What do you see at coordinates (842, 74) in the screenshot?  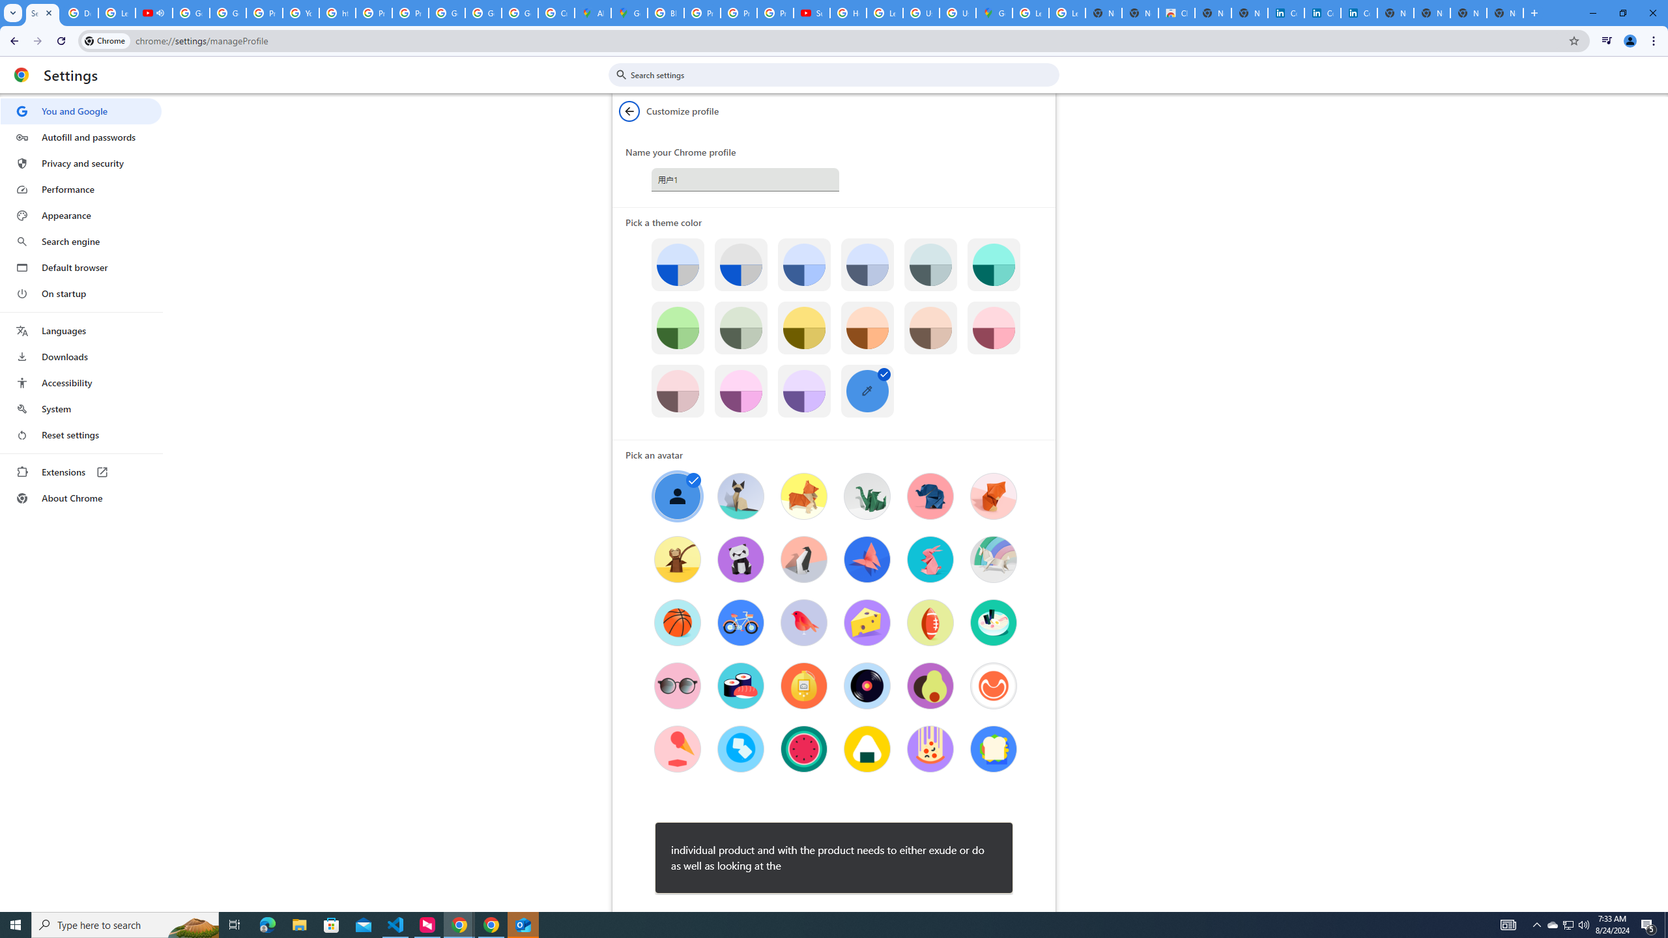 I see `'Search settings'` at bounding box center [842, 74].